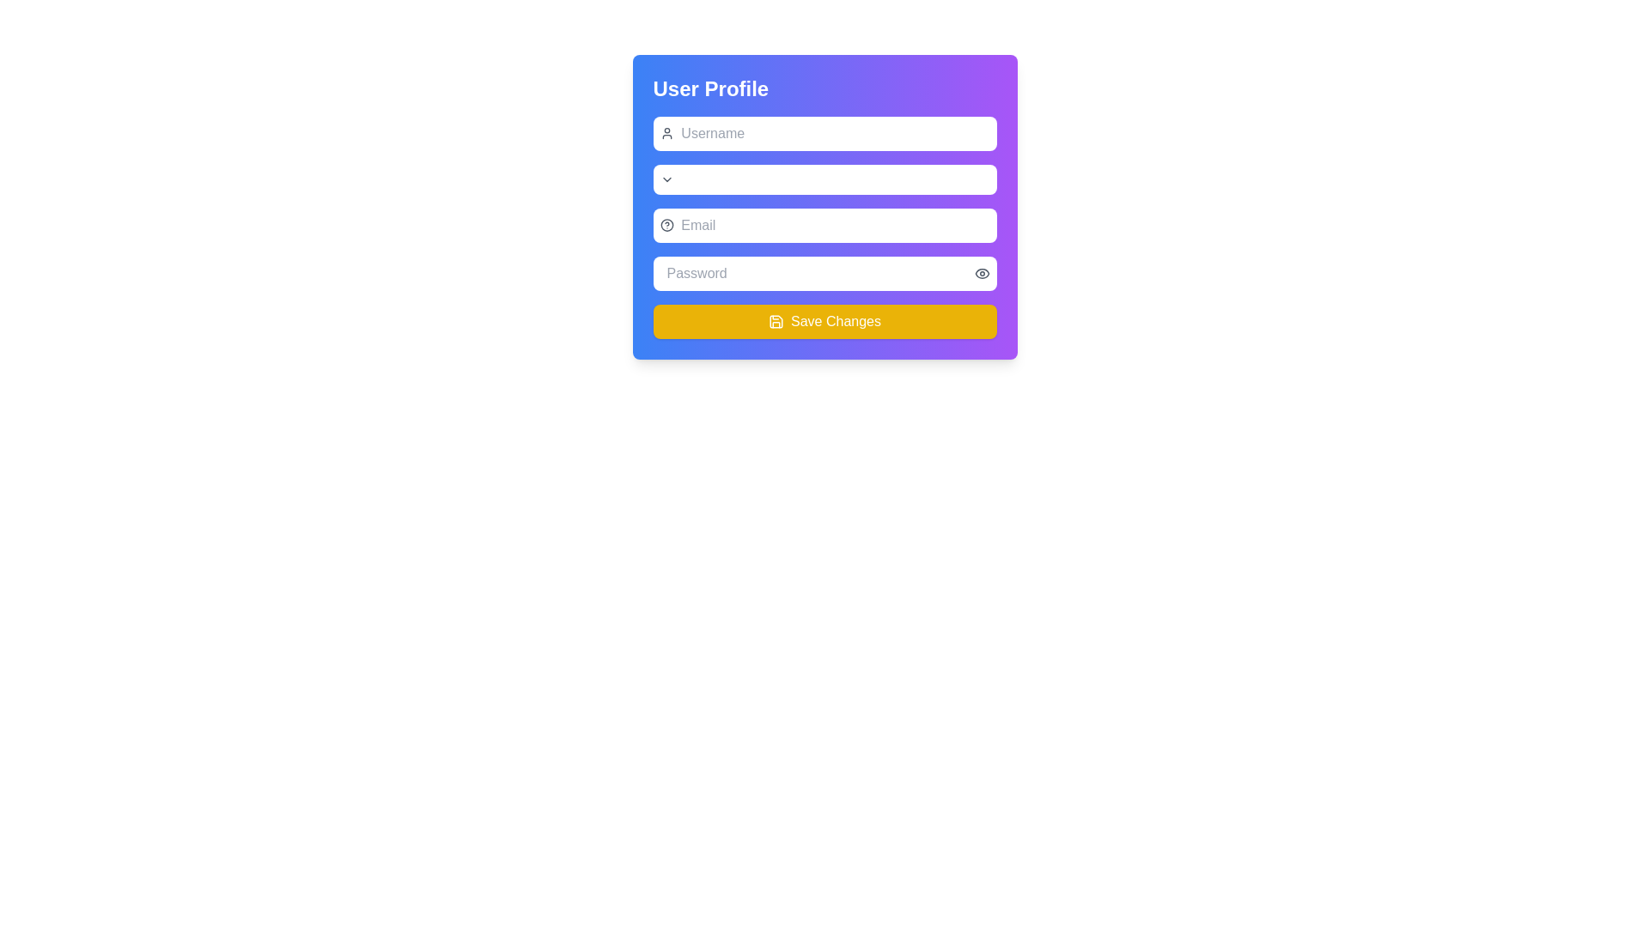  Describe the element at coordinates (666, 132) in the screenshot. I see `the username field icon located on the far-left side of the username input row, adjacent to the 'Username' text input field` at that location.